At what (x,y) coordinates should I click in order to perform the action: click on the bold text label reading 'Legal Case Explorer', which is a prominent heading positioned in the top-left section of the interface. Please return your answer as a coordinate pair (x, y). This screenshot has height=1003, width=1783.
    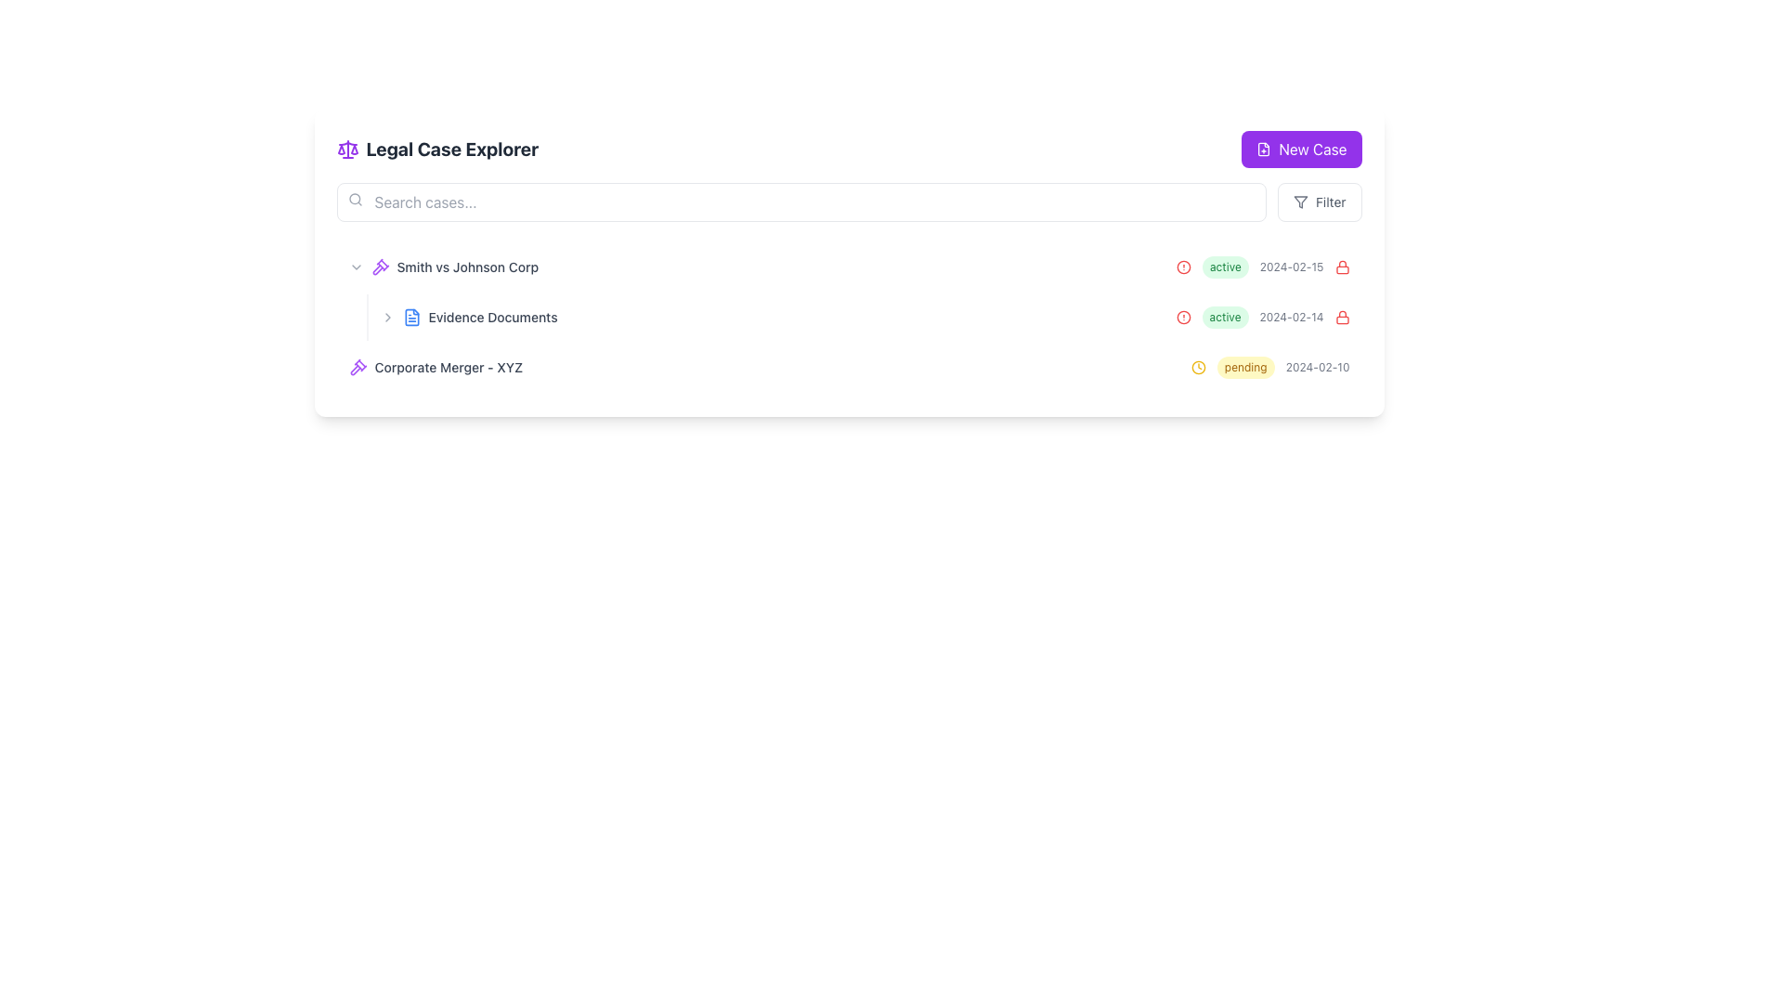
    Looking at the image, I should click on (452, 149).